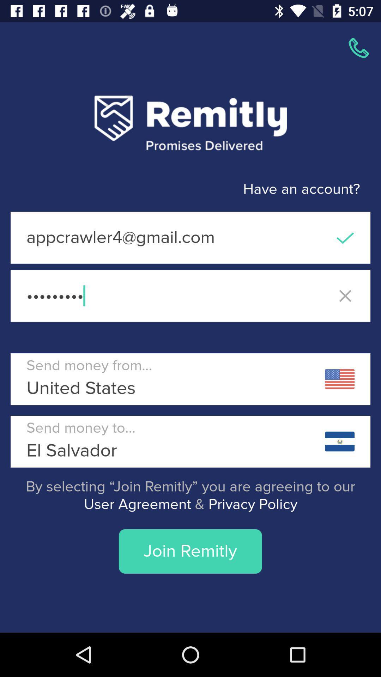  What do you see at coordinates (190, 238) in the screenshot?
I see `the icon above crowd3116 icon` at bounding box center [190, 238].